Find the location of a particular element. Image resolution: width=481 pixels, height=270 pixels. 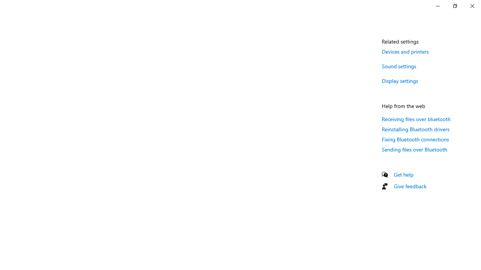

'Get help' is located at coordinates (403, 174).